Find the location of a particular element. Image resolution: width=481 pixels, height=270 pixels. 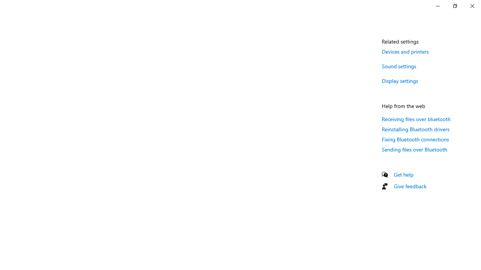

'Get help' is located at coordinates (403, 174).